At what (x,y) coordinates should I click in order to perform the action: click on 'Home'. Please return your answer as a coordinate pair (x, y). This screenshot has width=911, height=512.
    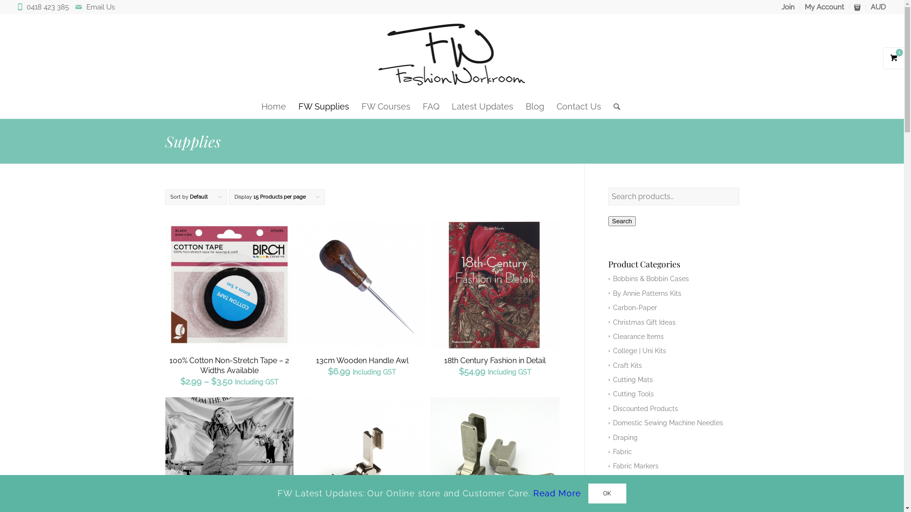
    Looking at the image, I should click on (273, 106).